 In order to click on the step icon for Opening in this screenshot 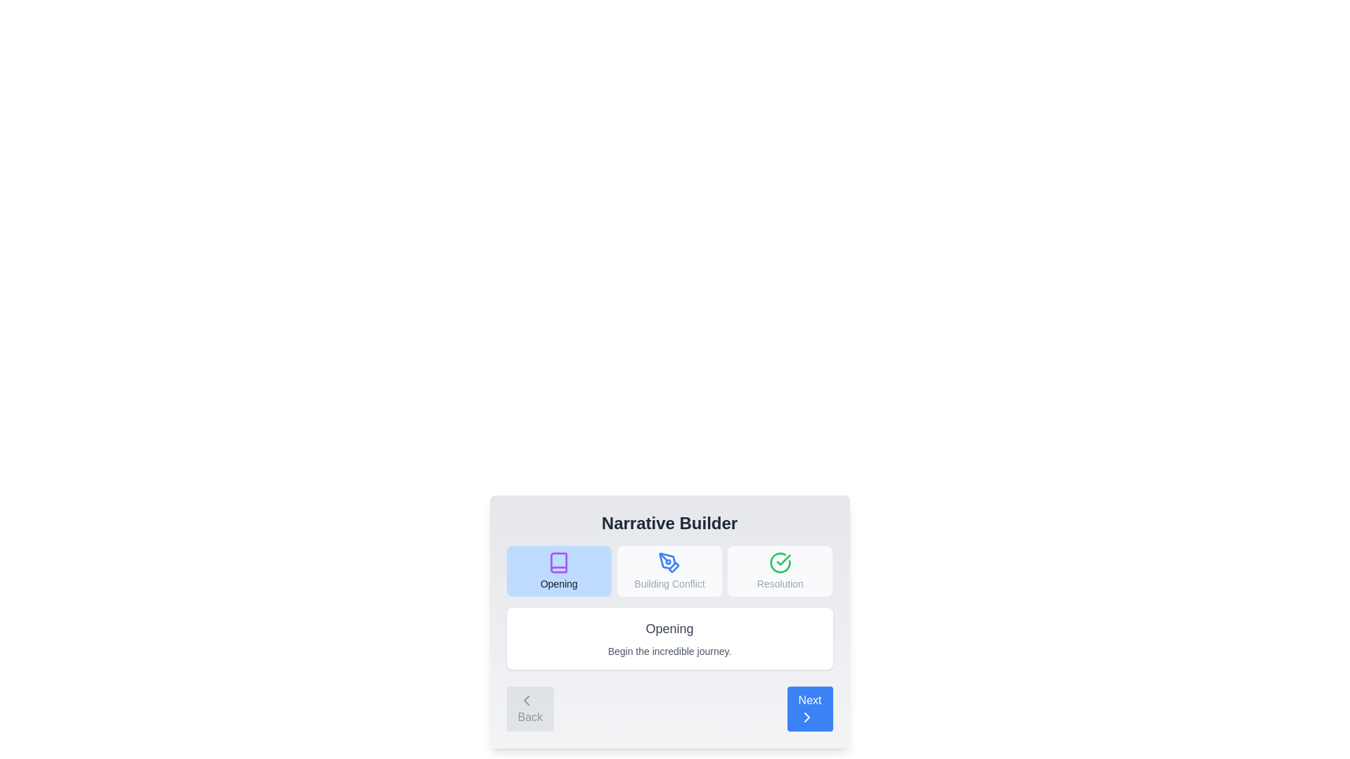, I will do `click(558, 571)`.